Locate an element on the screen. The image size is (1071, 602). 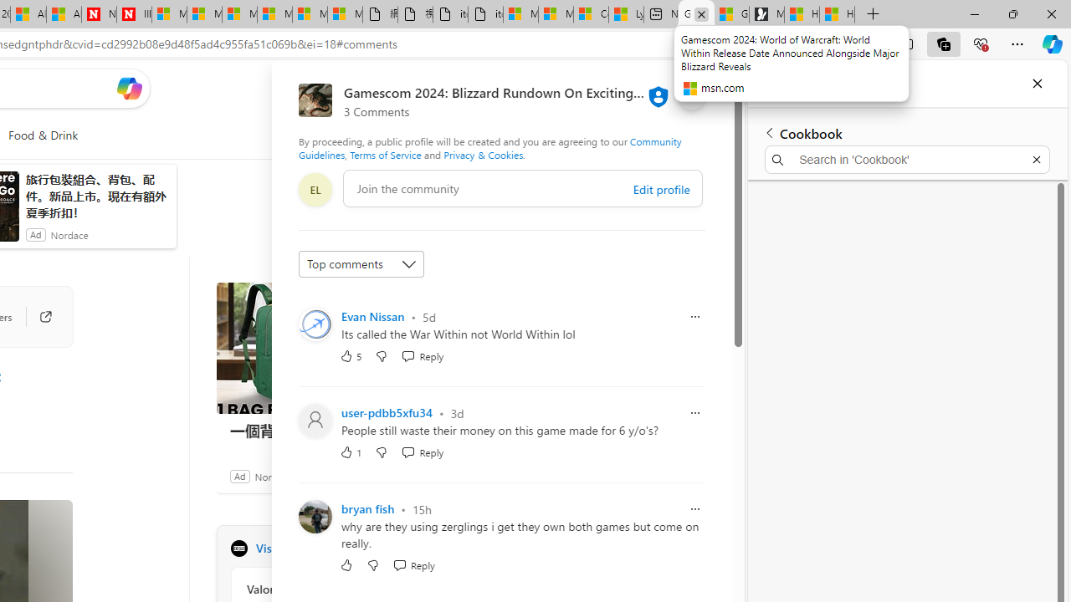
'Newsweek - News, Analysis, Politics, Business, Technology' is located at coordinates (99, 14).